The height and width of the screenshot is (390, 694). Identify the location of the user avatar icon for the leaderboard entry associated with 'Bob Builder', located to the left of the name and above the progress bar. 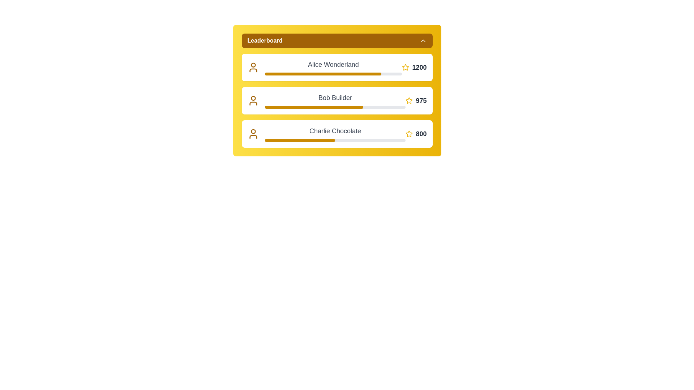
(253, 100).